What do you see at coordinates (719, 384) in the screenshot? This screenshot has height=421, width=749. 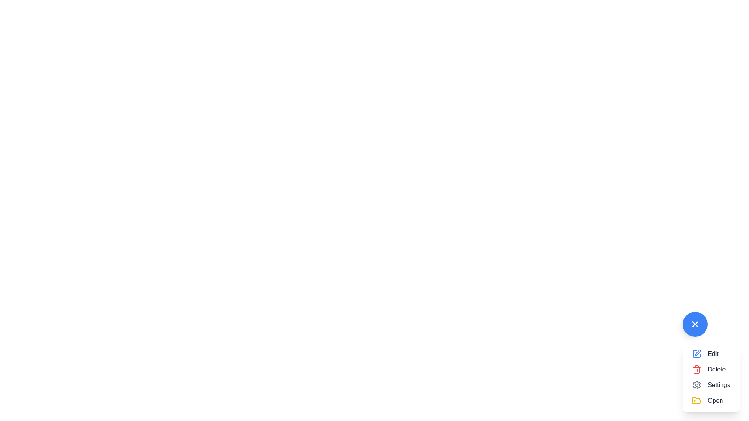 I see `the 'Settings' text label` at bounding box center [719, 384].